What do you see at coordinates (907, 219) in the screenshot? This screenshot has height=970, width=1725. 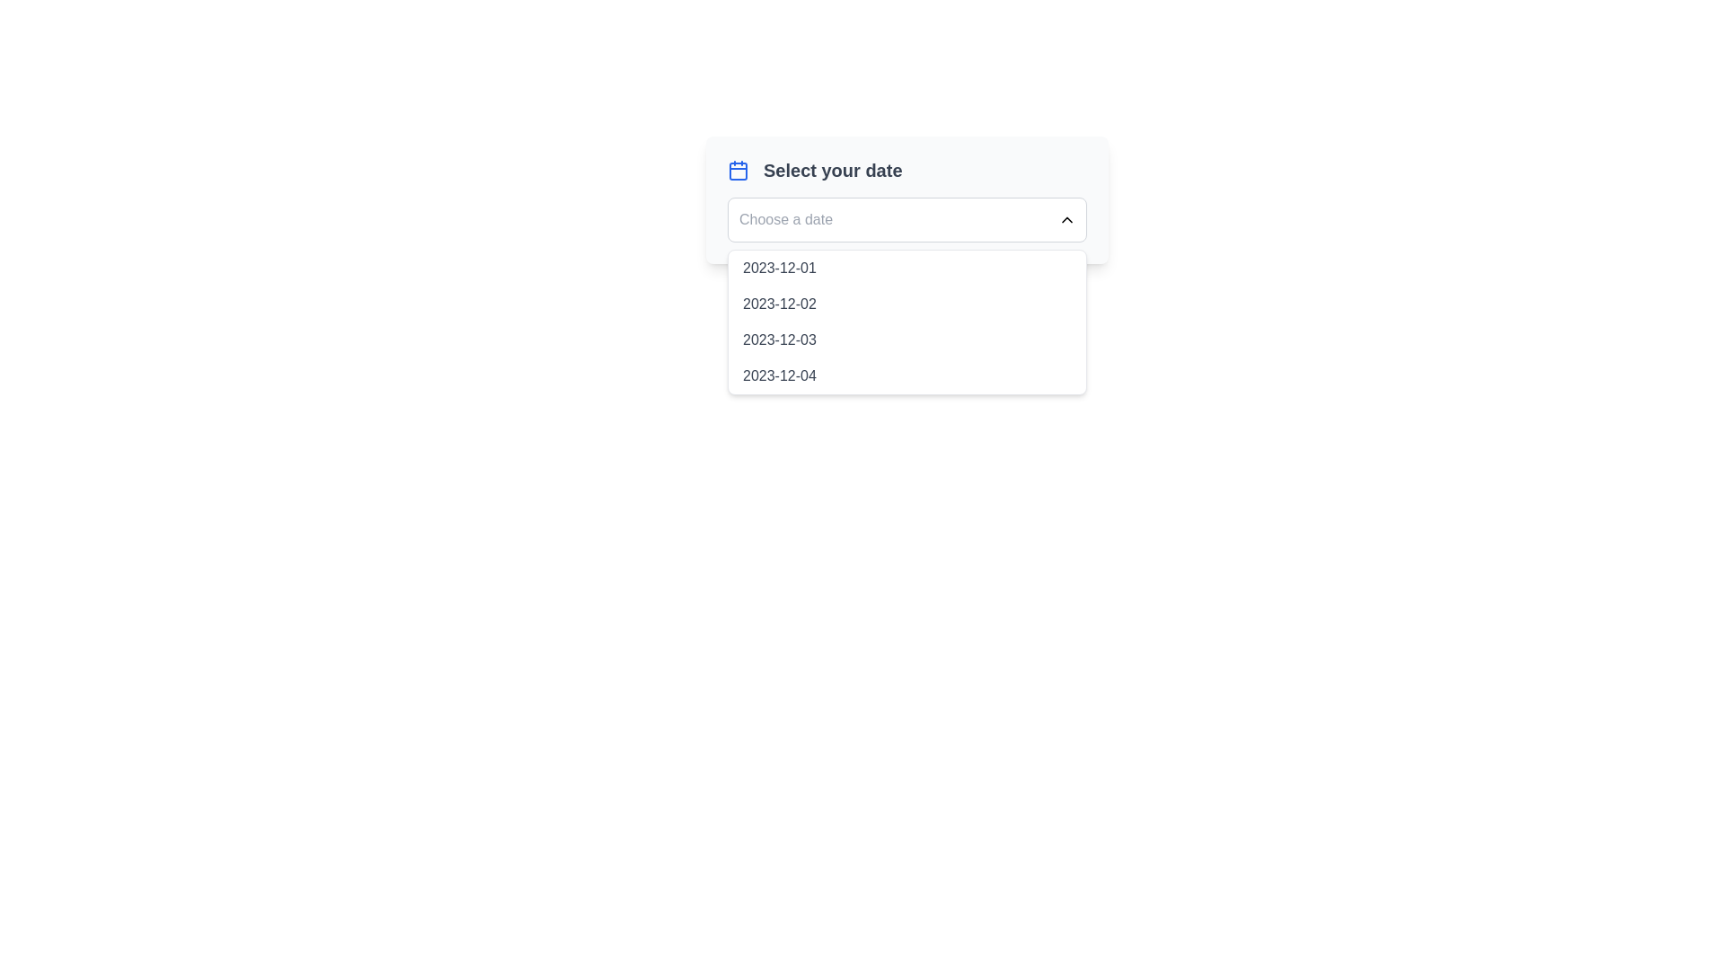 I see `the dropdown menu for date selection to type or interact with it` at bounding box center [907, 219].